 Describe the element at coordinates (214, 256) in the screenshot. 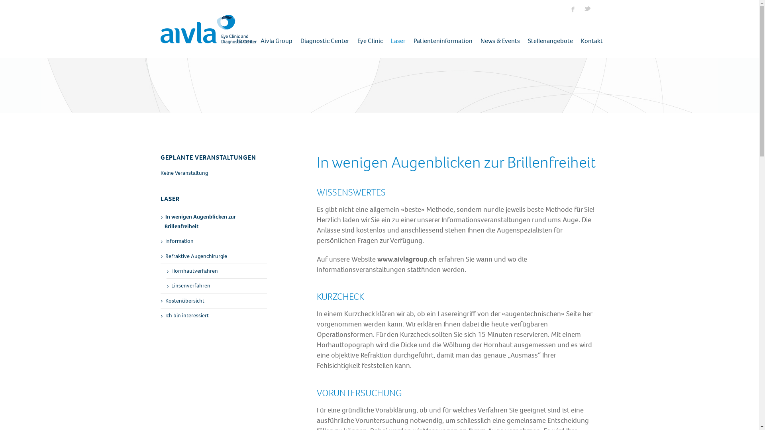

I see `'Refraktive Augenchirurgie'` at that location.